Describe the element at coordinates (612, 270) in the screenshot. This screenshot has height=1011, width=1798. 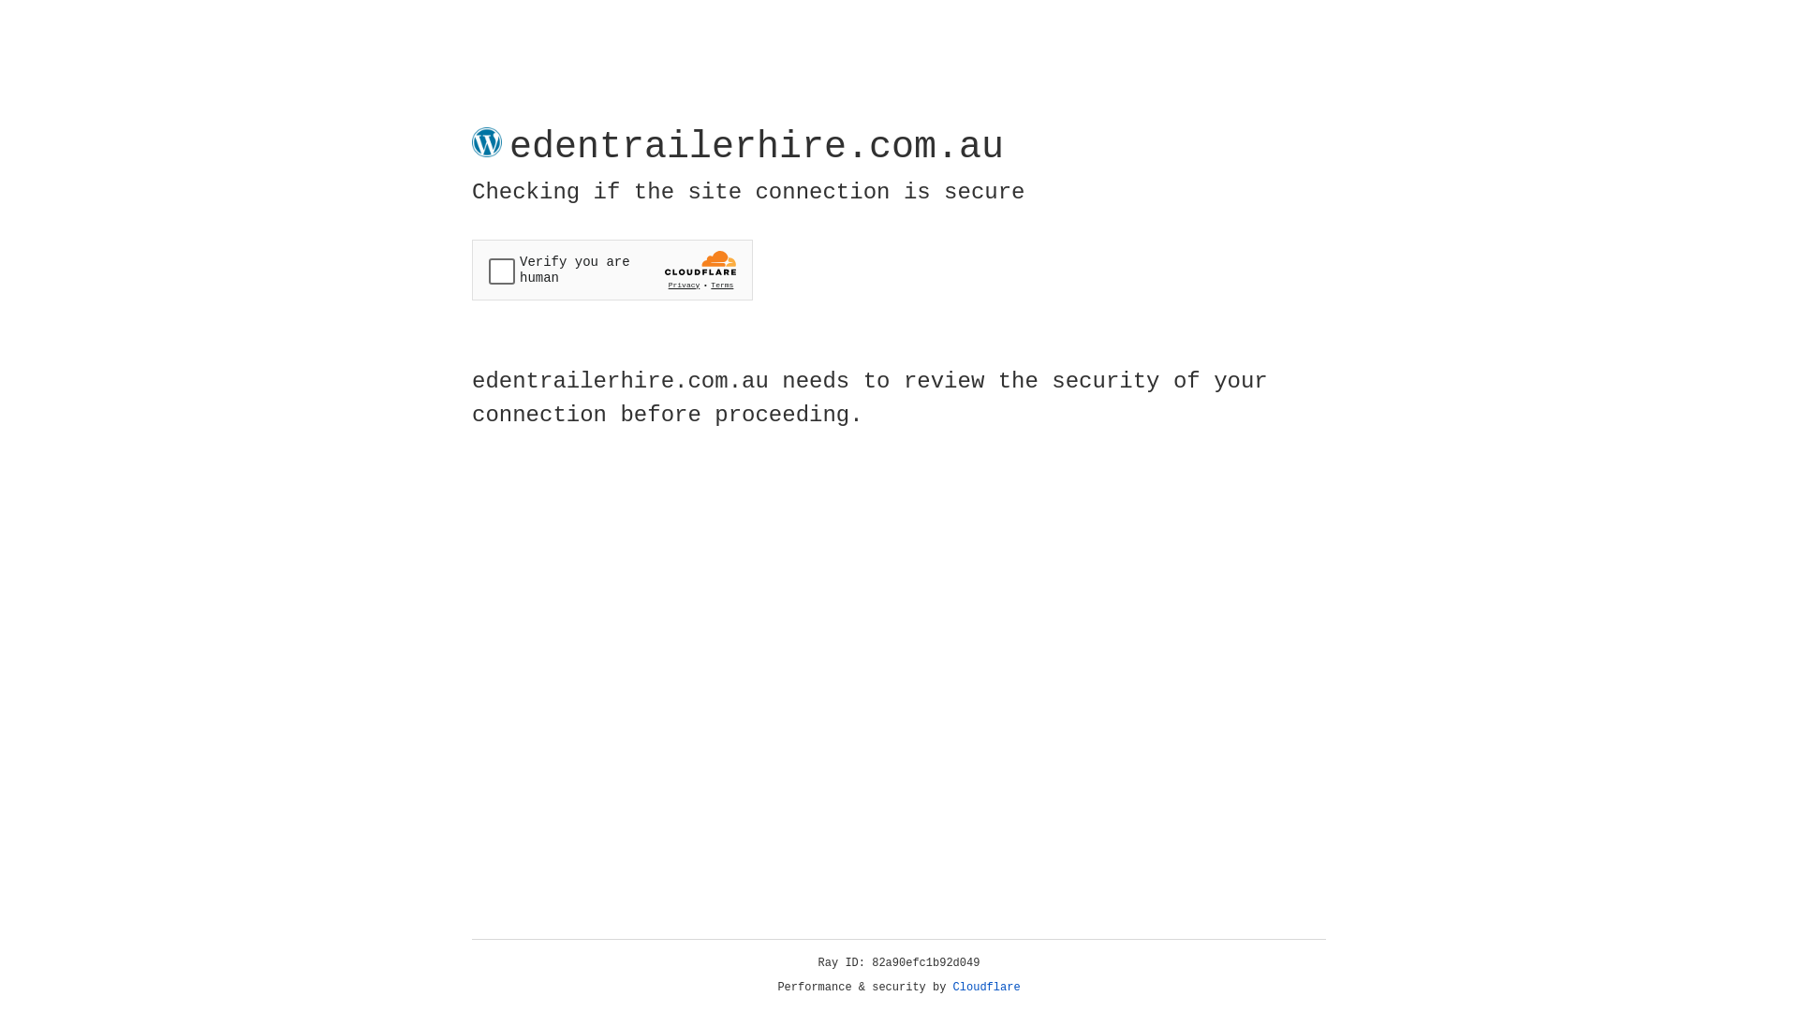
I see `'Widget containing a Cloudflare security challenge'` at that location.